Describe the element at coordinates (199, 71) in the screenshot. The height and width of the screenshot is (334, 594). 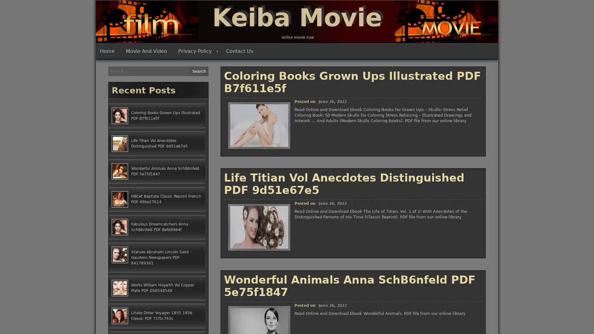
I see `Search` at that location.